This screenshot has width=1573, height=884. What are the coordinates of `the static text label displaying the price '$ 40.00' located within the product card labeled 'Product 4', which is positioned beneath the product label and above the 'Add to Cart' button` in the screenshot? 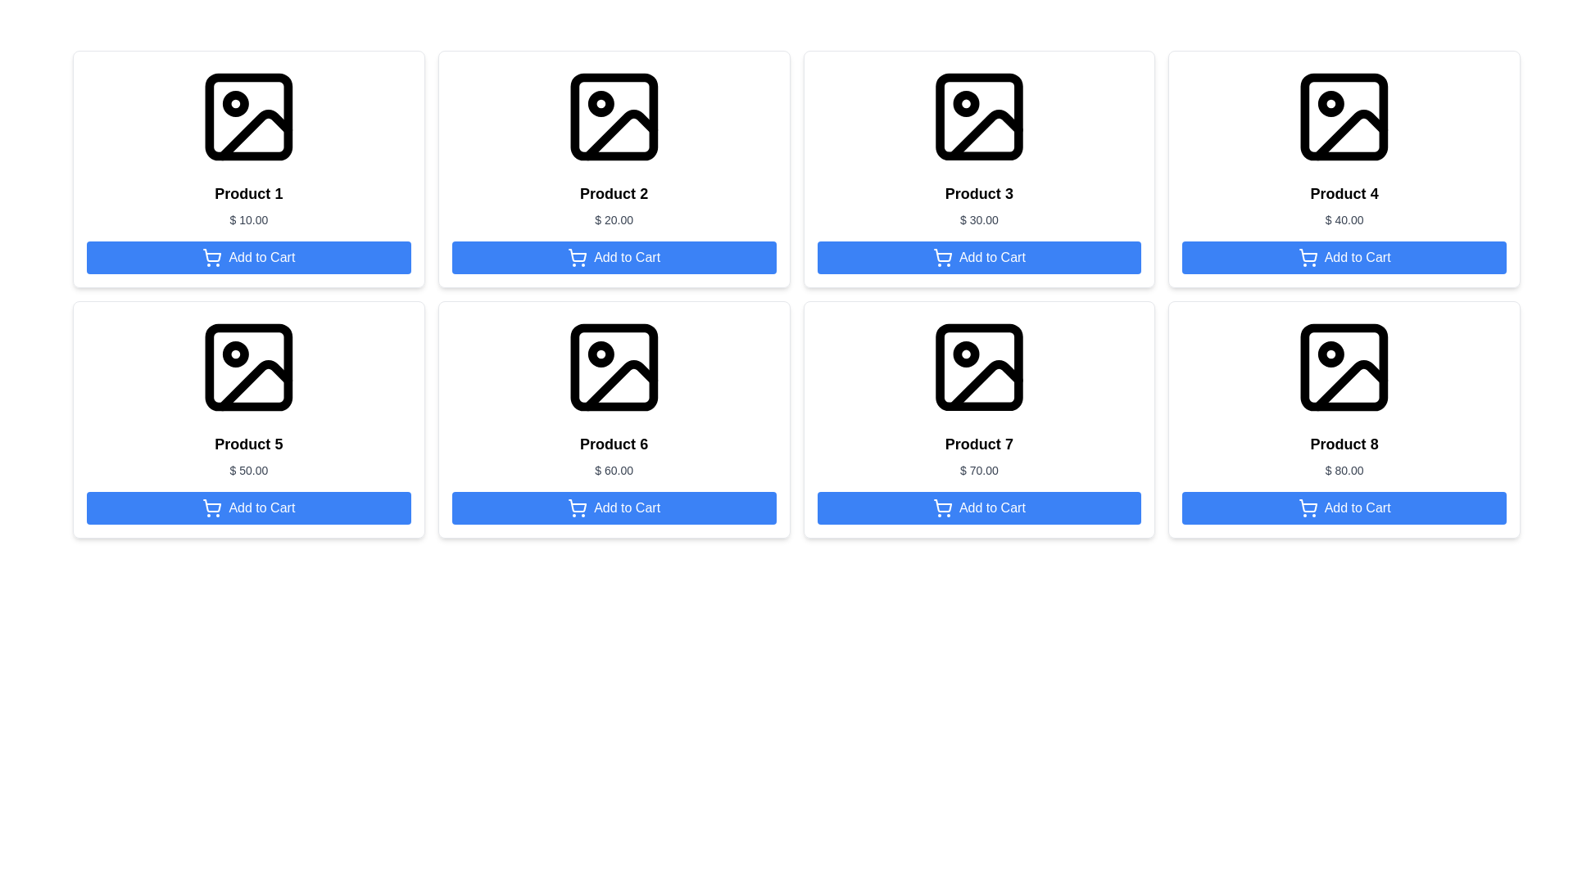 It's located at (1344, 219).